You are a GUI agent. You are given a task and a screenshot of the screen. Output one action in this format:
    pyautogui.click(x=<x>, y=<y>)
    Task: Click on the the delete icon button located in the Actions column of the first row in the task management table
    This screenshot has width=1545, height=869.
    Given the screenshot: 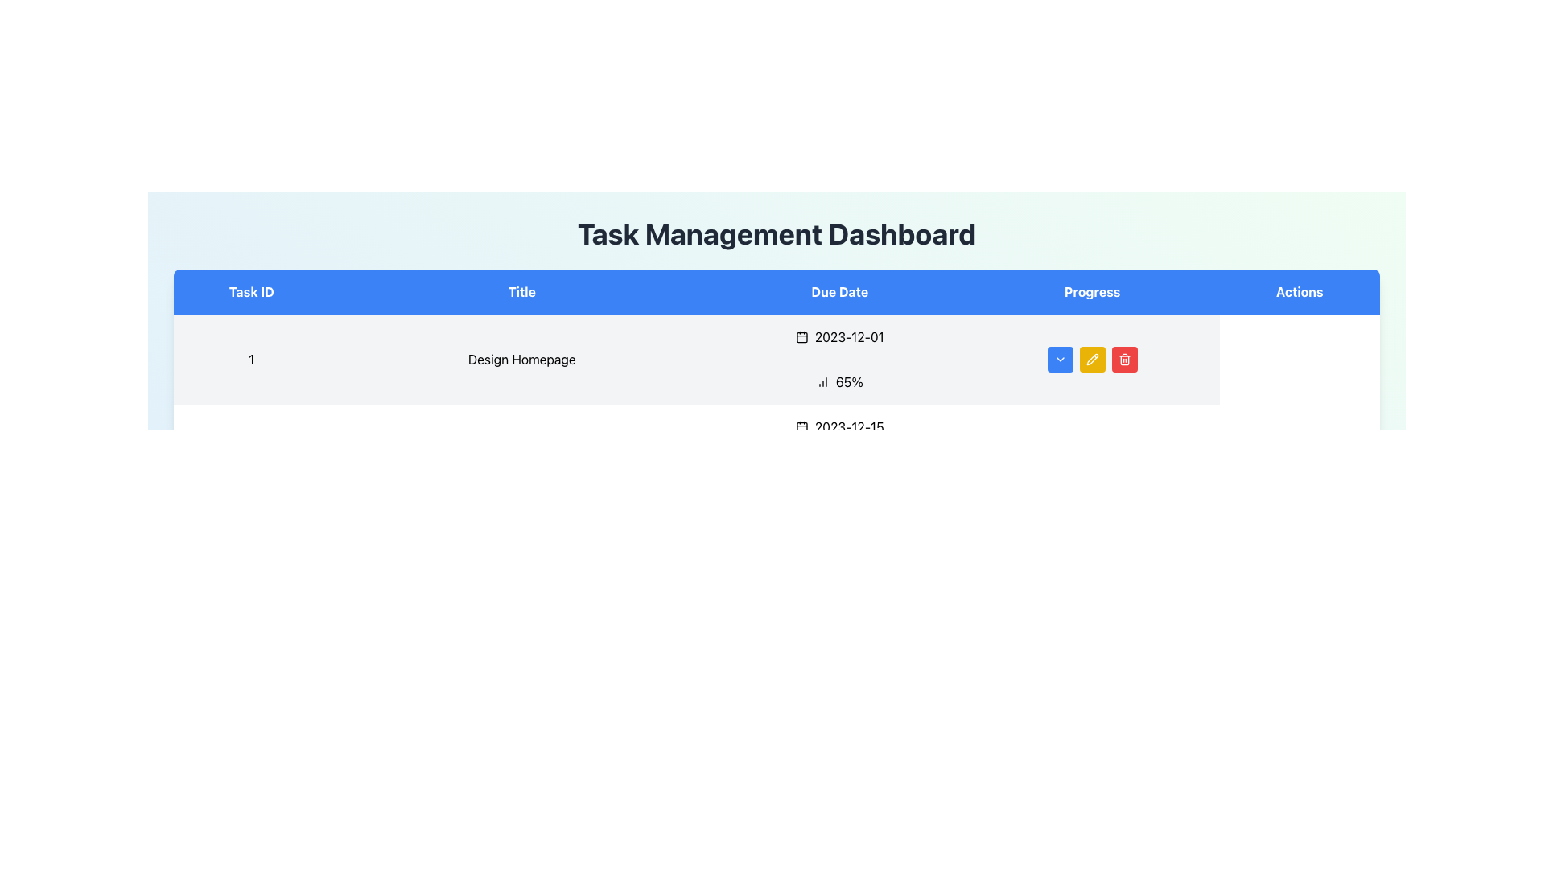 What is the action you would take?
    pyautogui.click(x=1123, y=359)
    